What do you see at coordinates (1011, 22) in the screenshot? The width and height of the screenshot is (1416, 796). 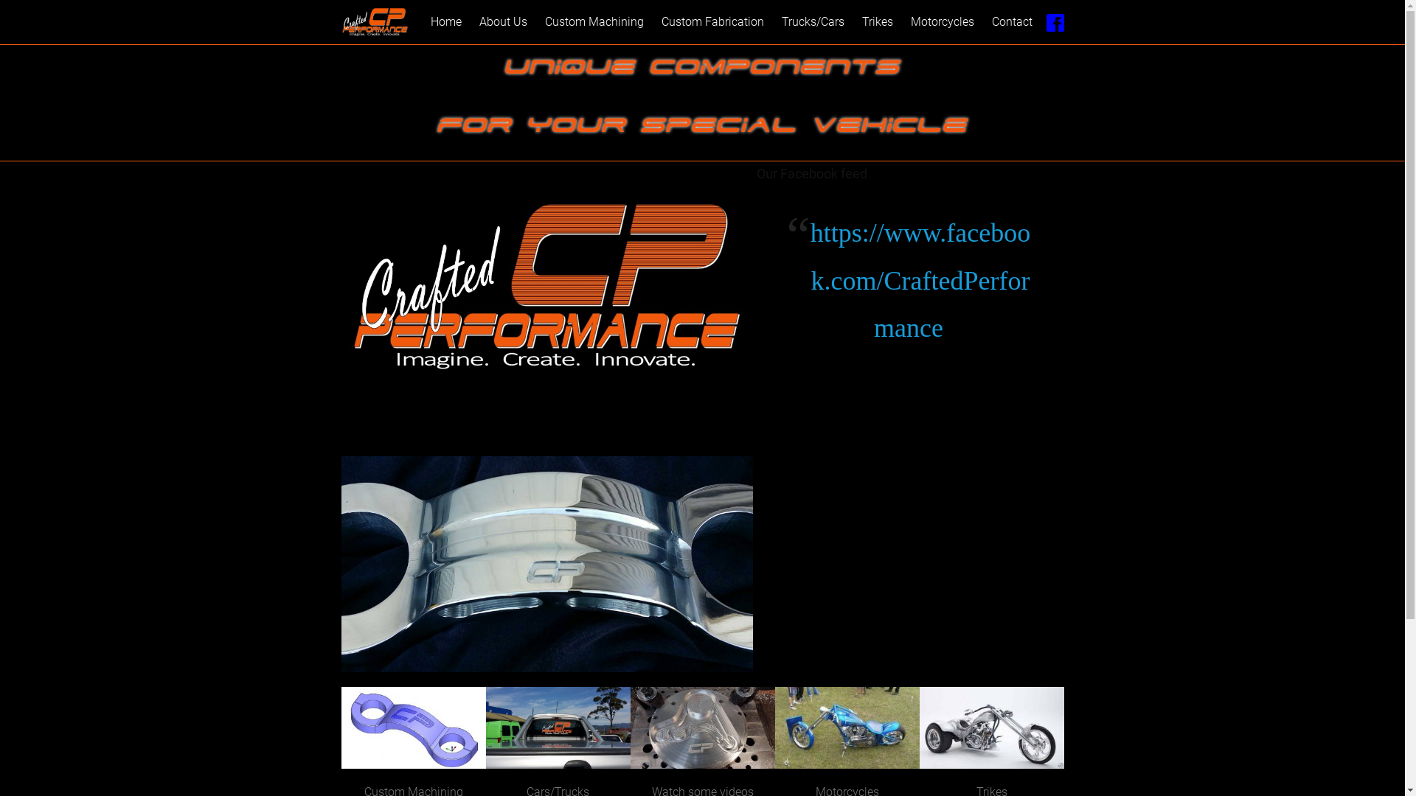 I see `'Contact'` at bounding box center [1011, 22].